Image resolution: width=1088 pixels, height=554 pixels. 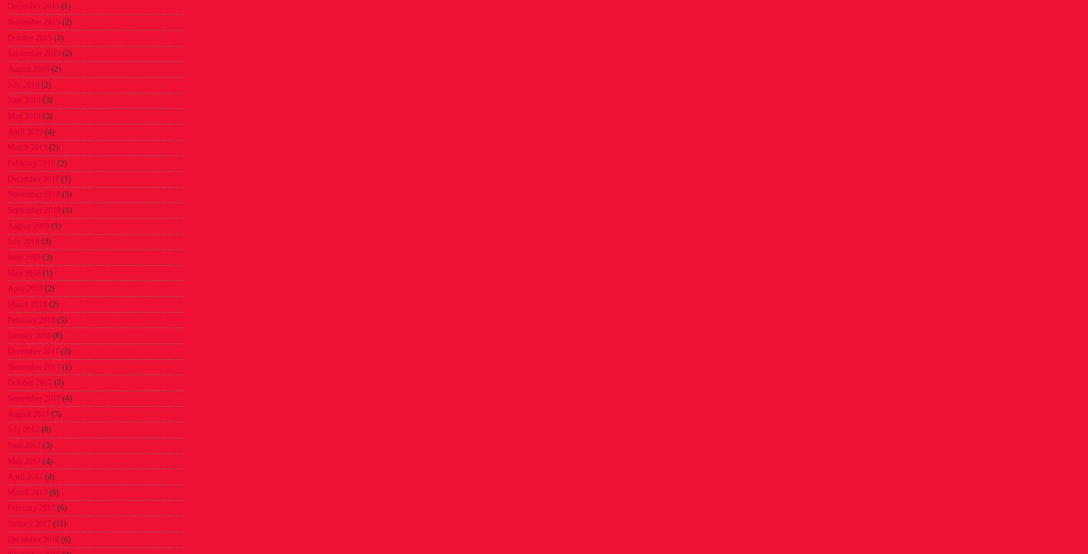 What do you see at coordinates (33, 366) in the screenshot?
I see `'November 2017'` at bounding box center [33, 366].